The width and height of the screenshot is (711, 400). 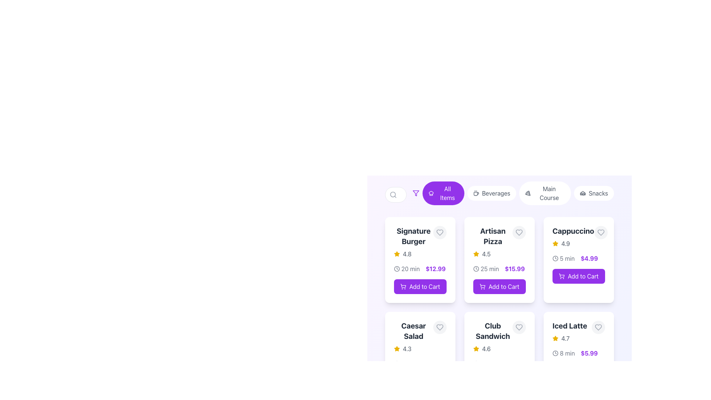 What do you see at coordinates (601, 232) in the screenshot?
I see `the heart-shaped icon button located at the top-right corner of the 'Cappuccino' product card to mark the item as favorite` at bounding box center [601, 232].